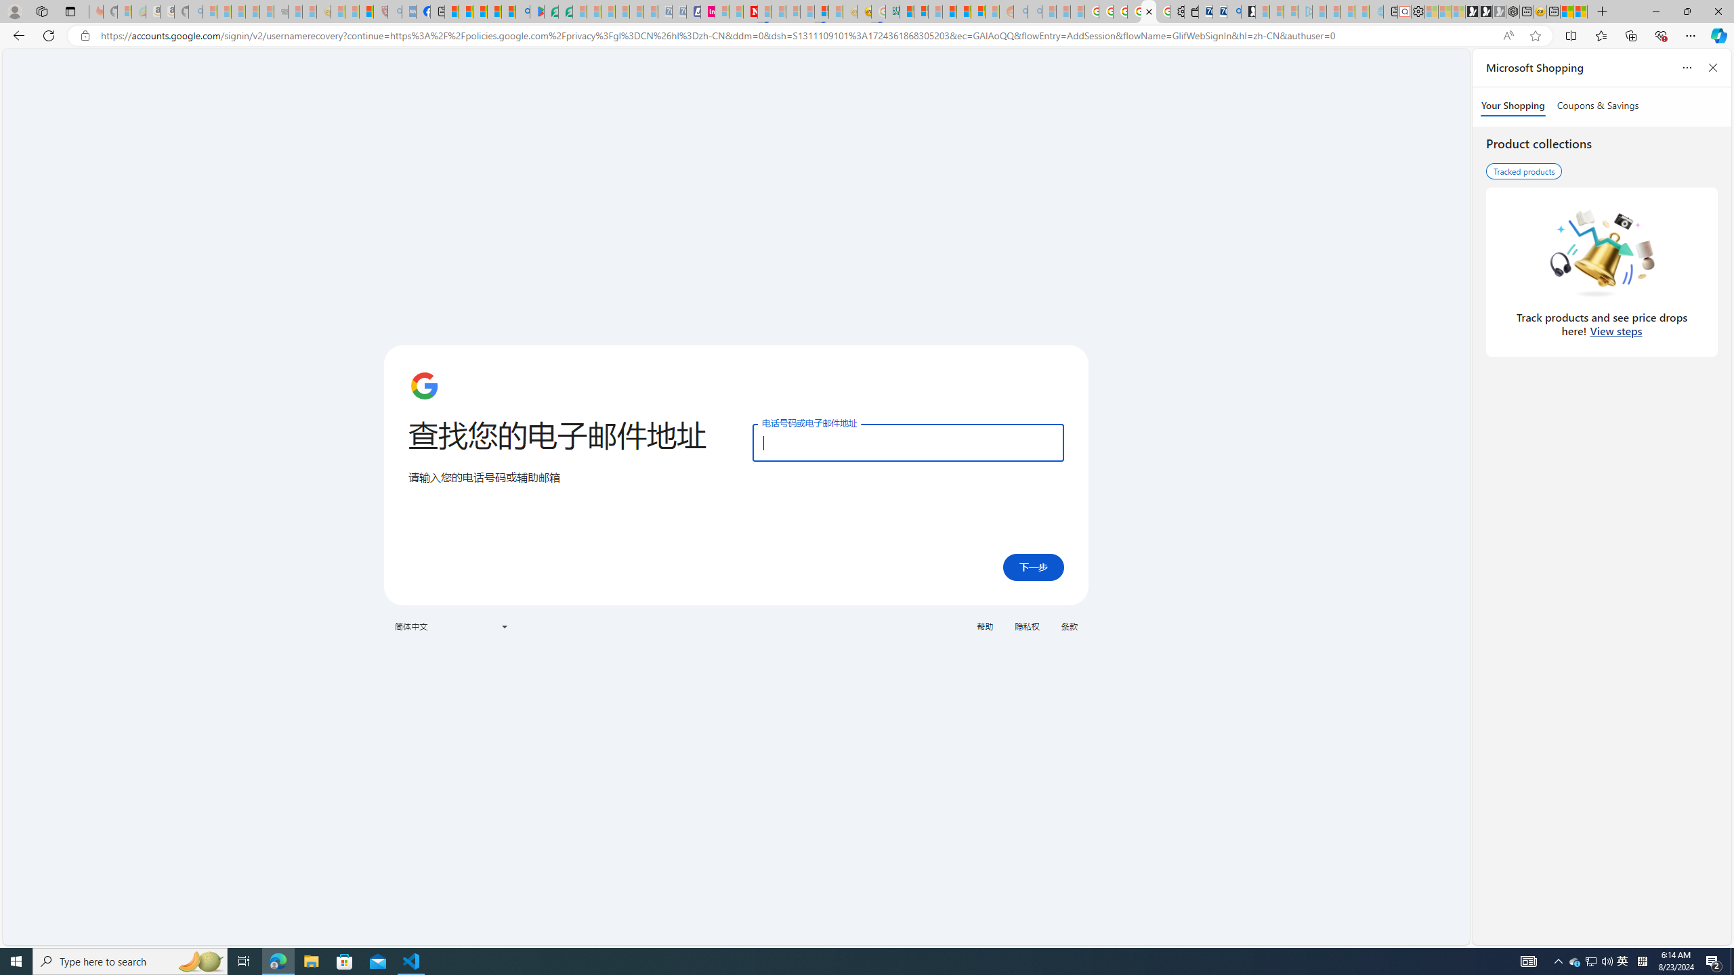 Image resolution: width=1734 pixels, height=975 pixels. What do you see at coordinates (503, 626) in the screenshot?
I see `'Class: VfPpkd-t08AT-Bz112c-Bd00G'` at bounding box center [503, 626].